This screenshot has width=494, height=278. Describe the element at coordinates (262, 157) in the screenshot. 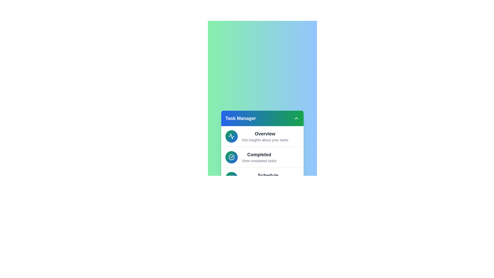

I see `the list item corresponding to the task category Completed` at that location.